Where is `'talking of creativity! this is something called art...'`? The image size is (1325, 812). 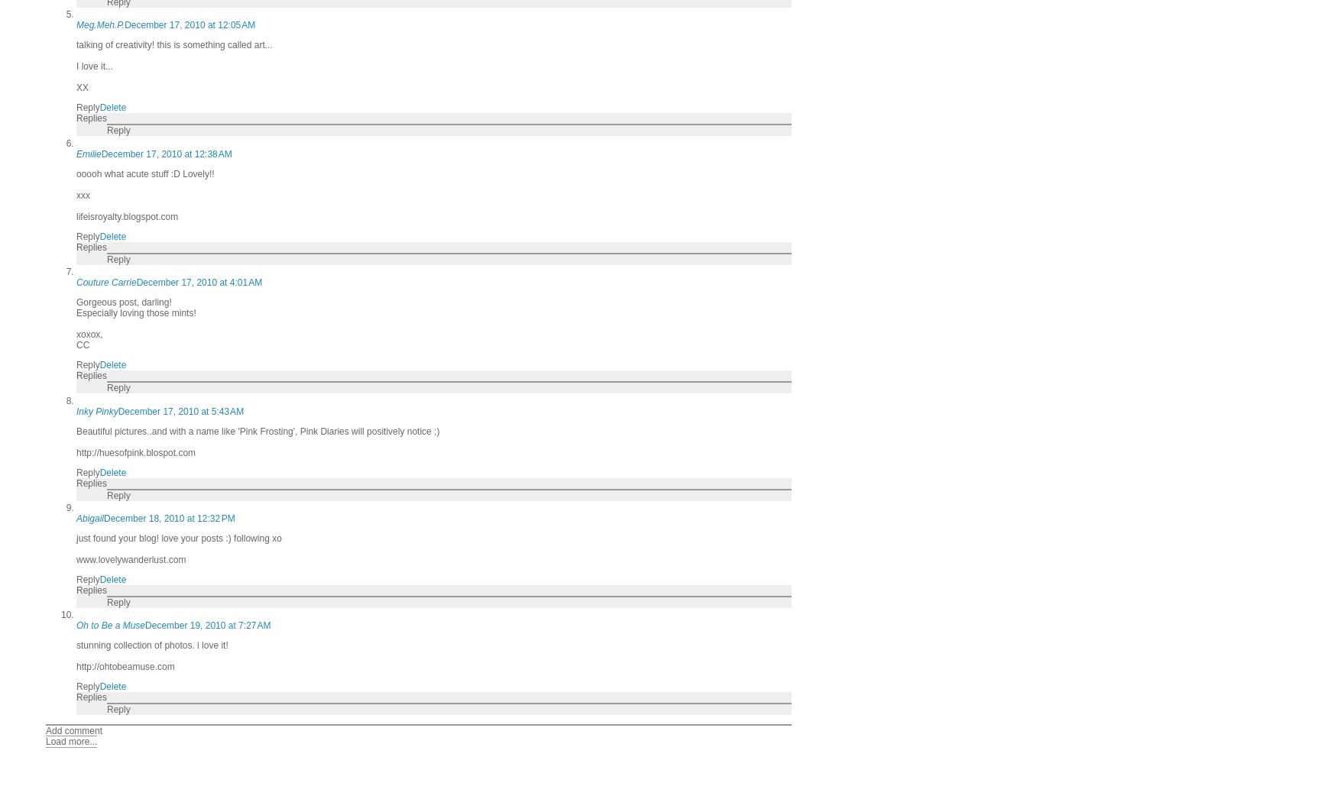 'talking of creativity! this is something called art...' is located at coordinates (174, 44).